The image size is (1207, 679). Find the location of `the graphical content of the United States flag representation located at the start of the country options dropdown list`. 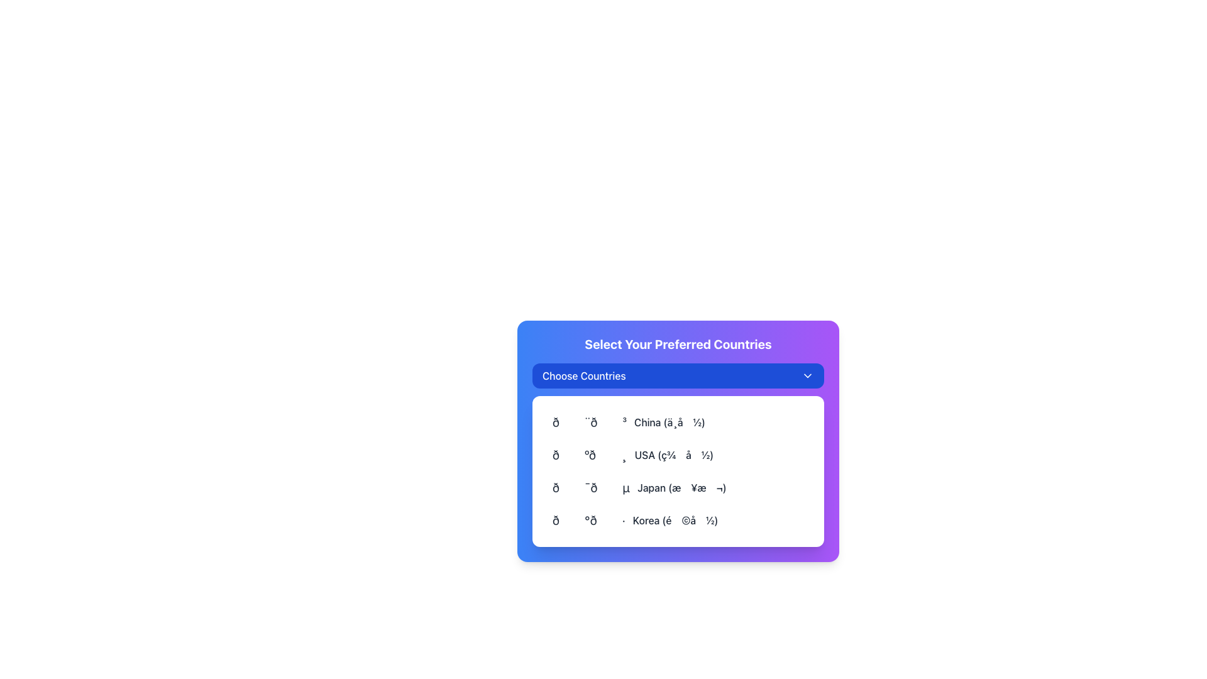

the graphical content of the United States flag representation located at the start of the country options dropdown list is located at coordinates (589, 455).